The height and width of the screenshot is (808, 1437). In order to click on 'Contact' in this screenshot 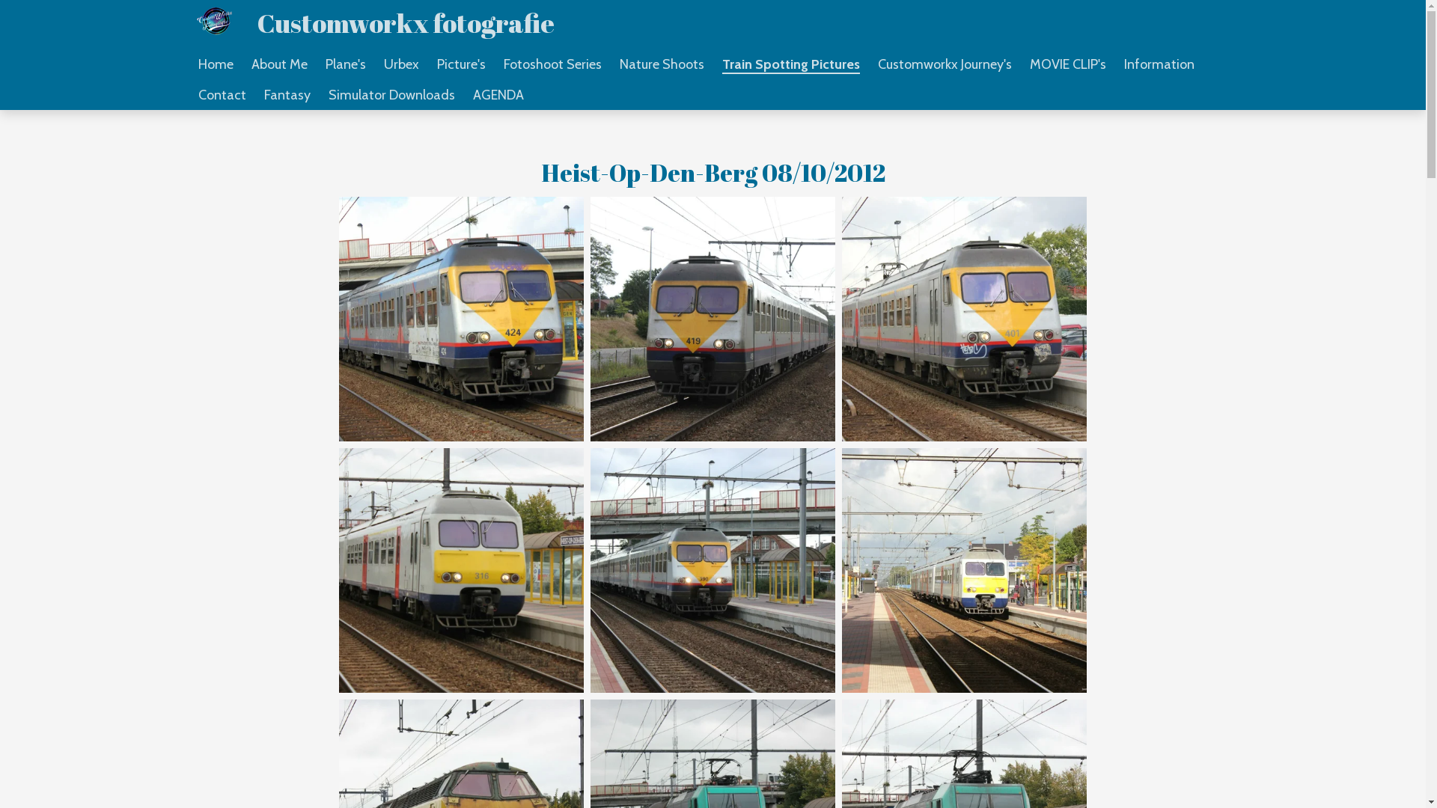, I will do `click(188, 95)`.